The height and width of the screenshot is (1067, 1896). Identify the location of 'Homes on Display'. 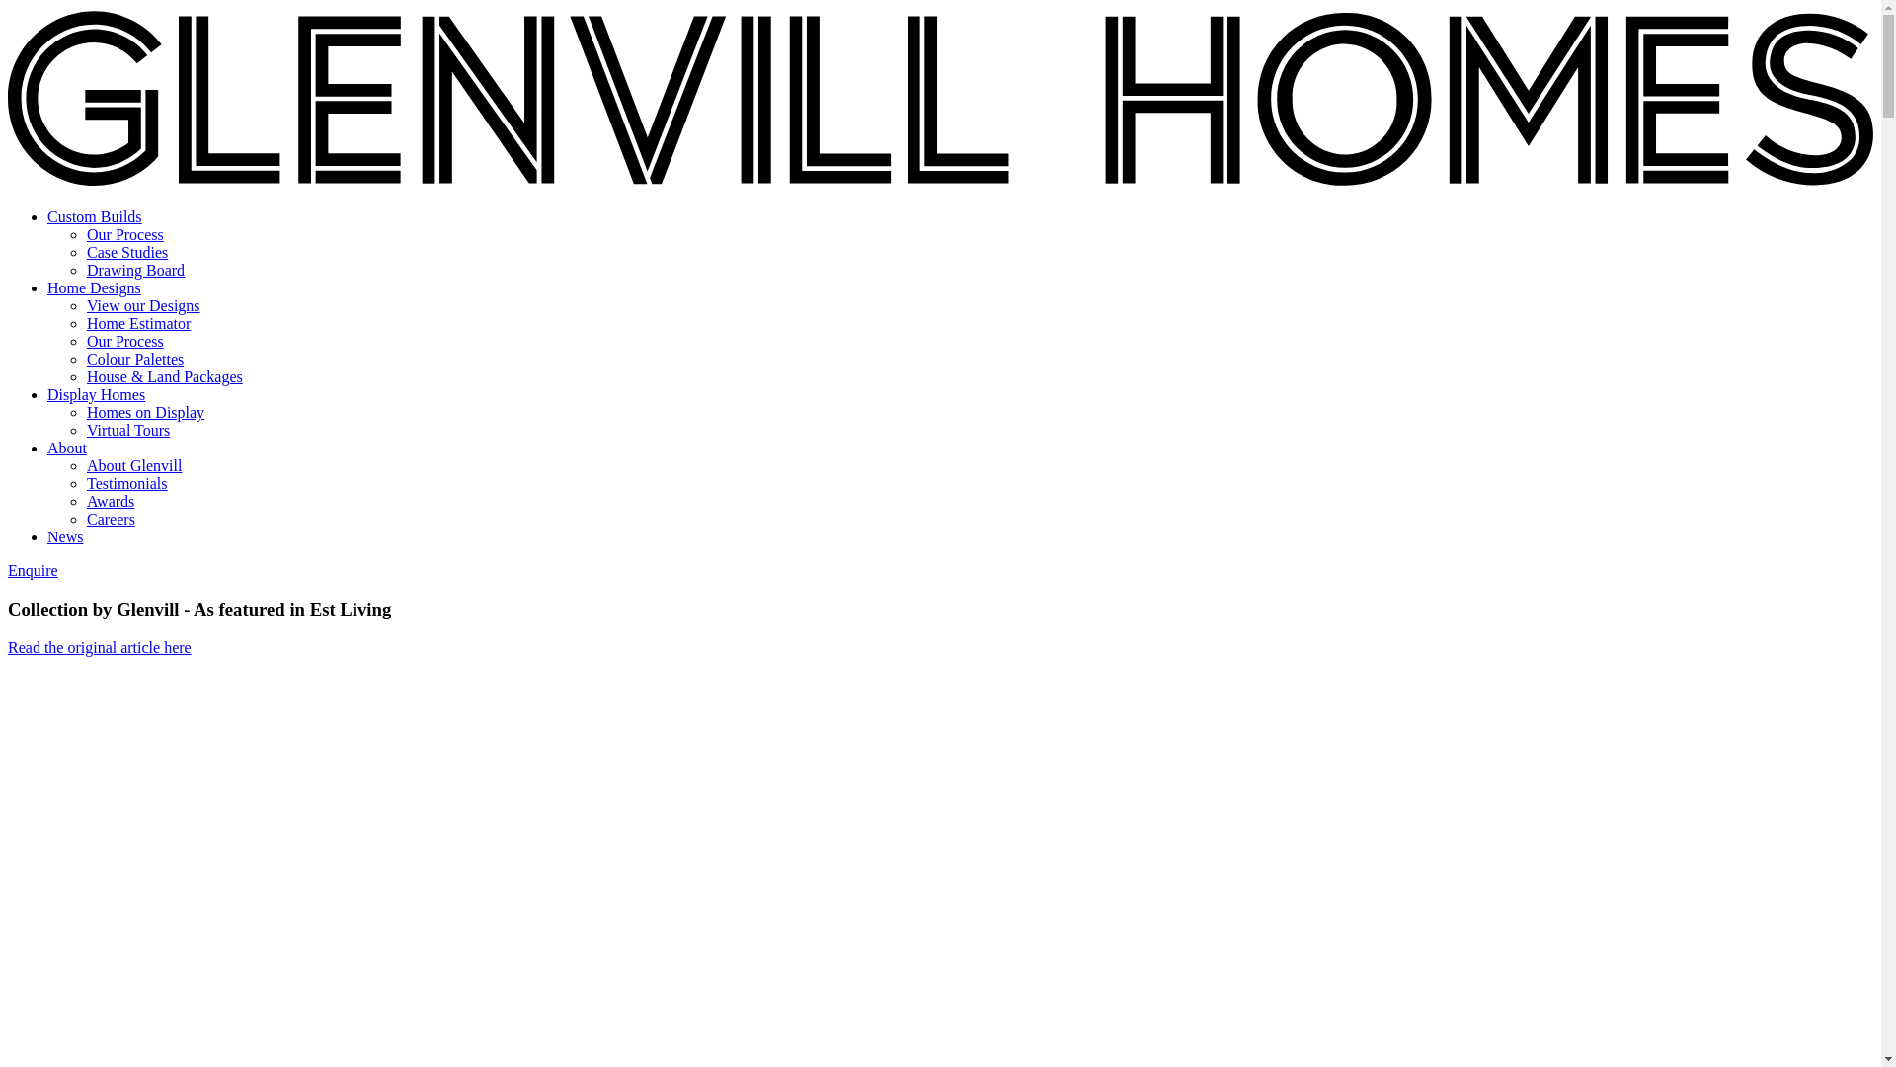
(144, 411).